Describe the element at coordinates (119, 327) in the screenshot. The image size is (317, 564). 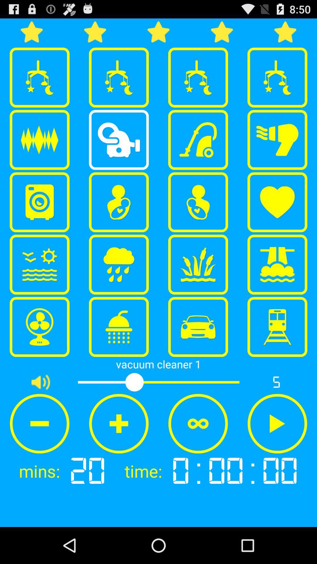
I see `the item above vacuum cleaner 1` at that location.